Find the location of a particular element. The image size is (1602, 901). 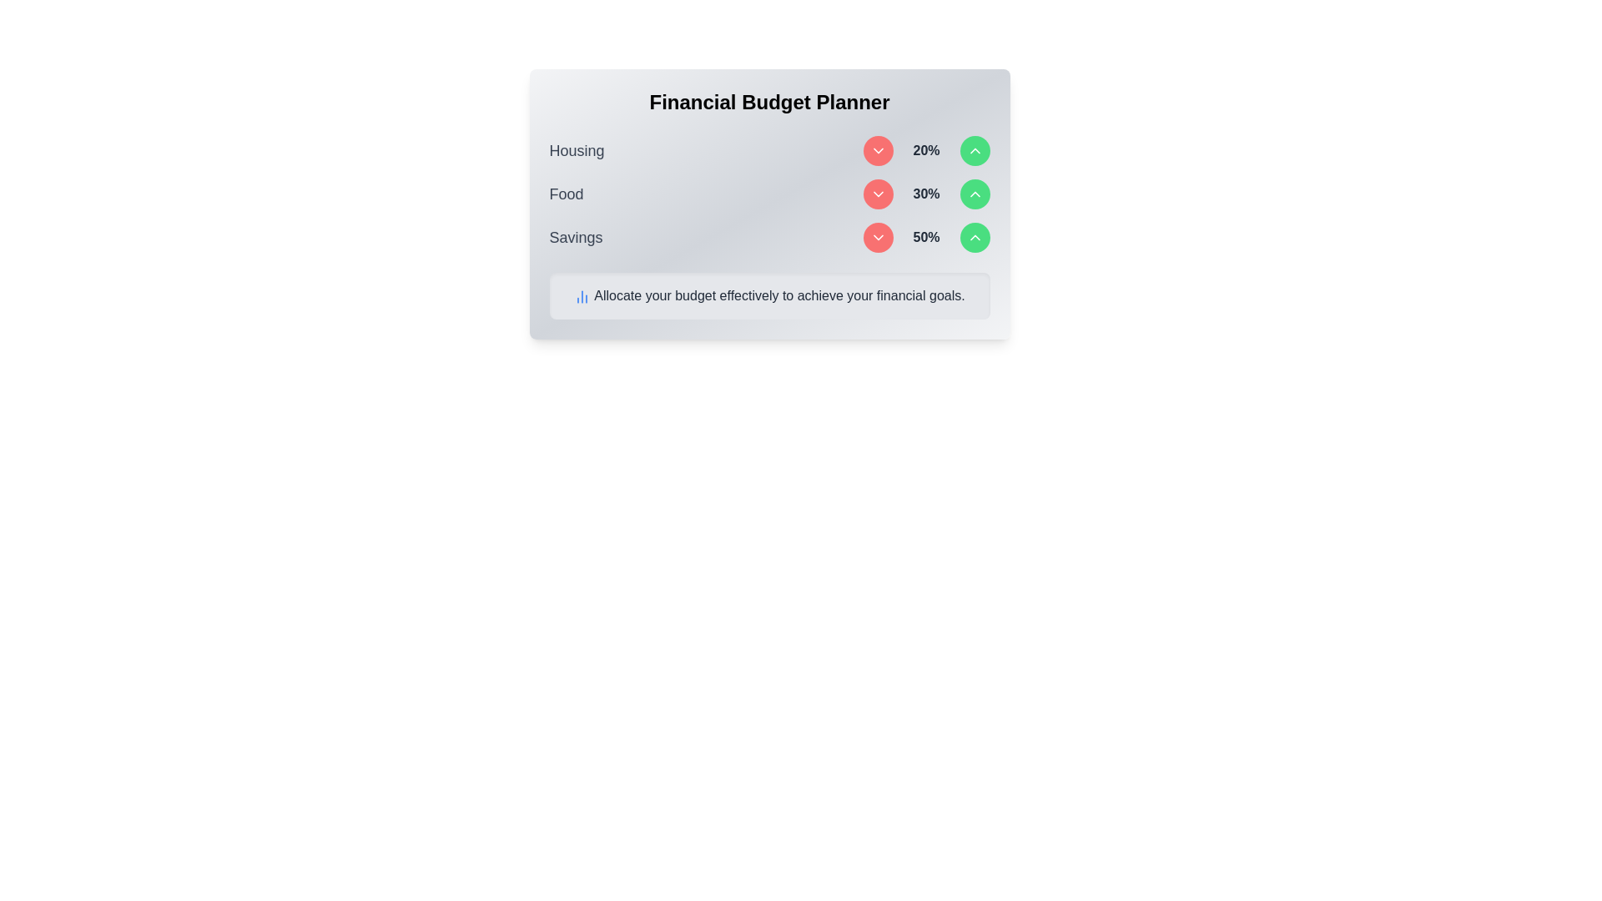

text of the heading that provides context about financial budget planning, located at the top of the card-like section with rounded corners is located at coordinates (768, 103).